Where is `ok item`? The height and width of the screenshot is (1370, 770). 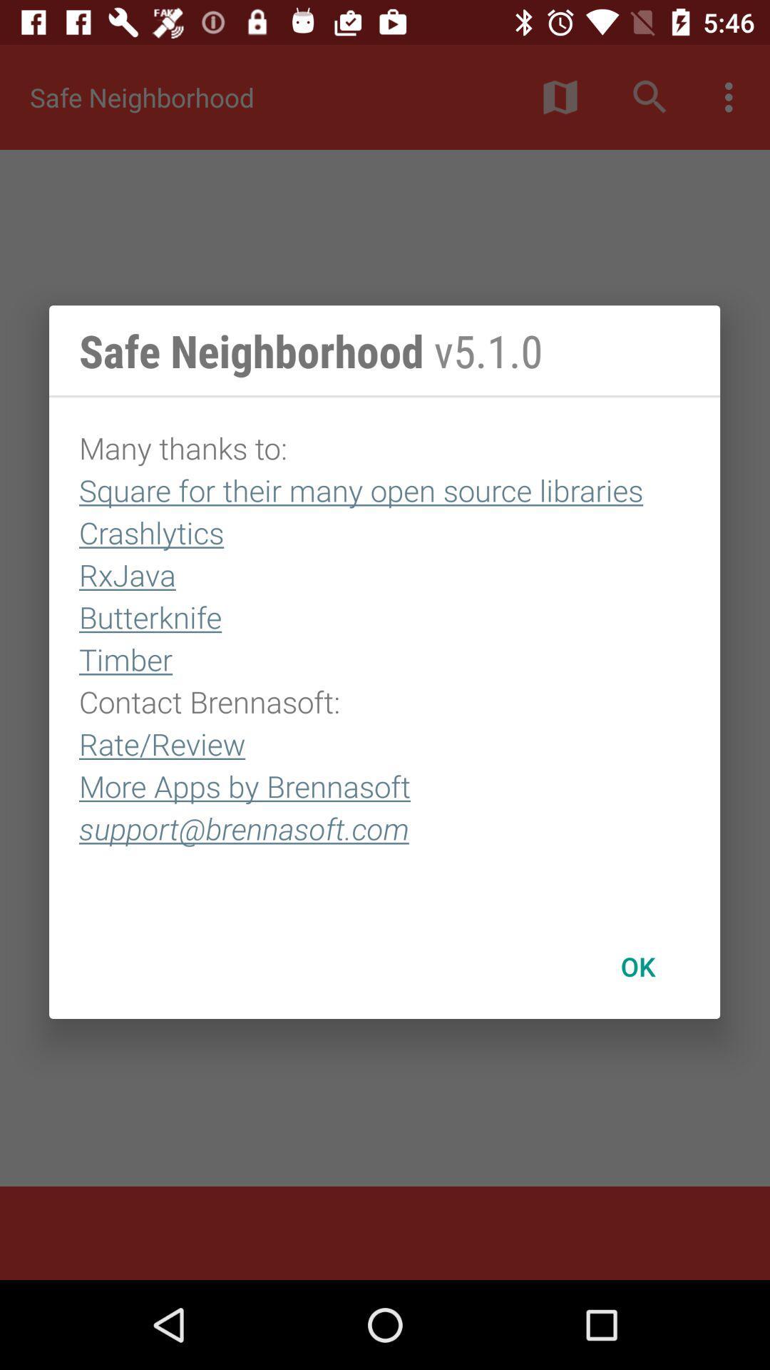 ok item is located at coordinates (637, 966).